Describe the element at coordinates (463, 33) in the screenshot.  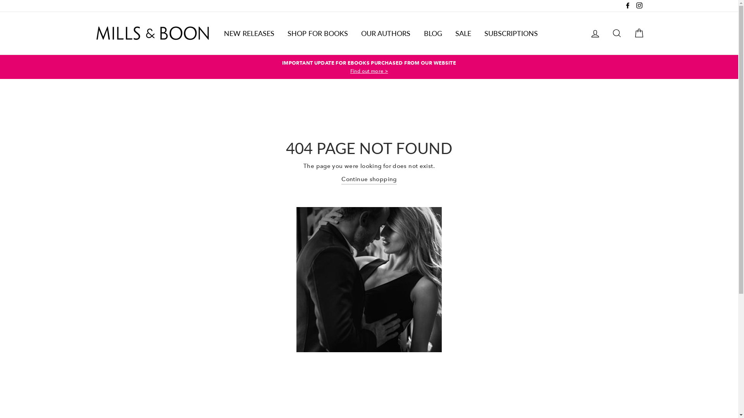
I see `'SALE'` at that location.